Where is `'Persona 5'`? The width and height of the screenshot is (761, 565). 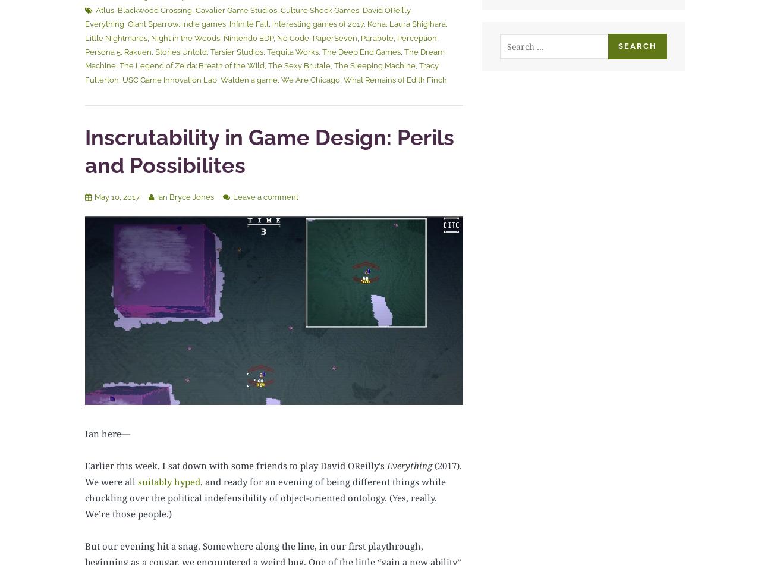 'Persona 5' is located at coordinates (103, 52).